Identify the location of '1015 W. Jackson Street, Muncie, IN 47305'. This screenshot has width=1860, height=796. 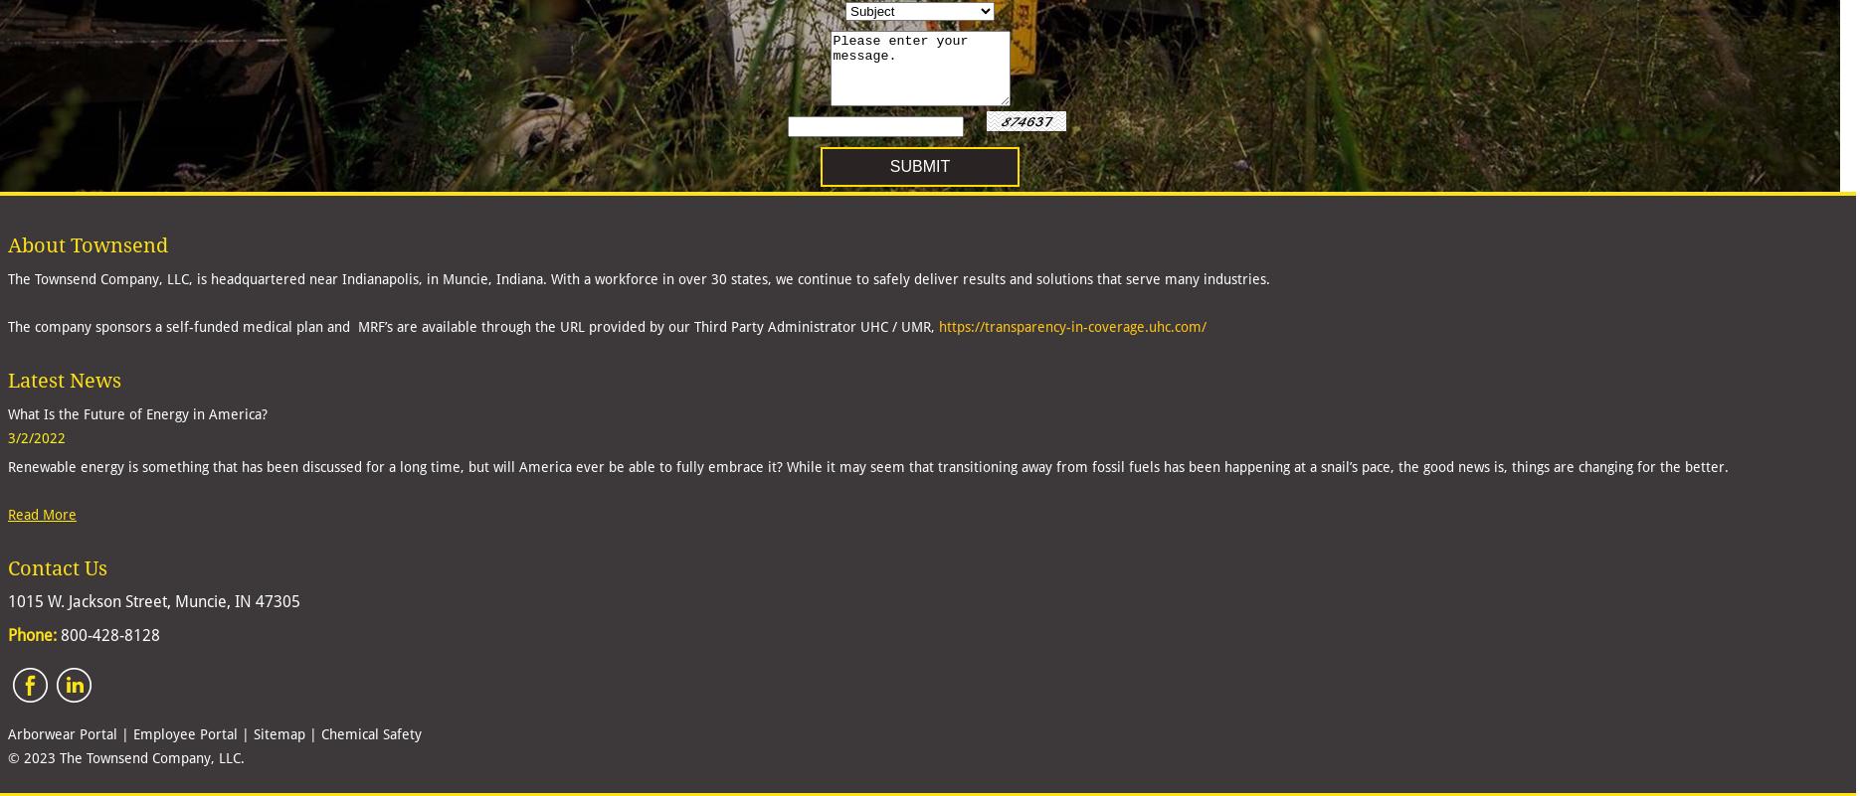
(154, 600).